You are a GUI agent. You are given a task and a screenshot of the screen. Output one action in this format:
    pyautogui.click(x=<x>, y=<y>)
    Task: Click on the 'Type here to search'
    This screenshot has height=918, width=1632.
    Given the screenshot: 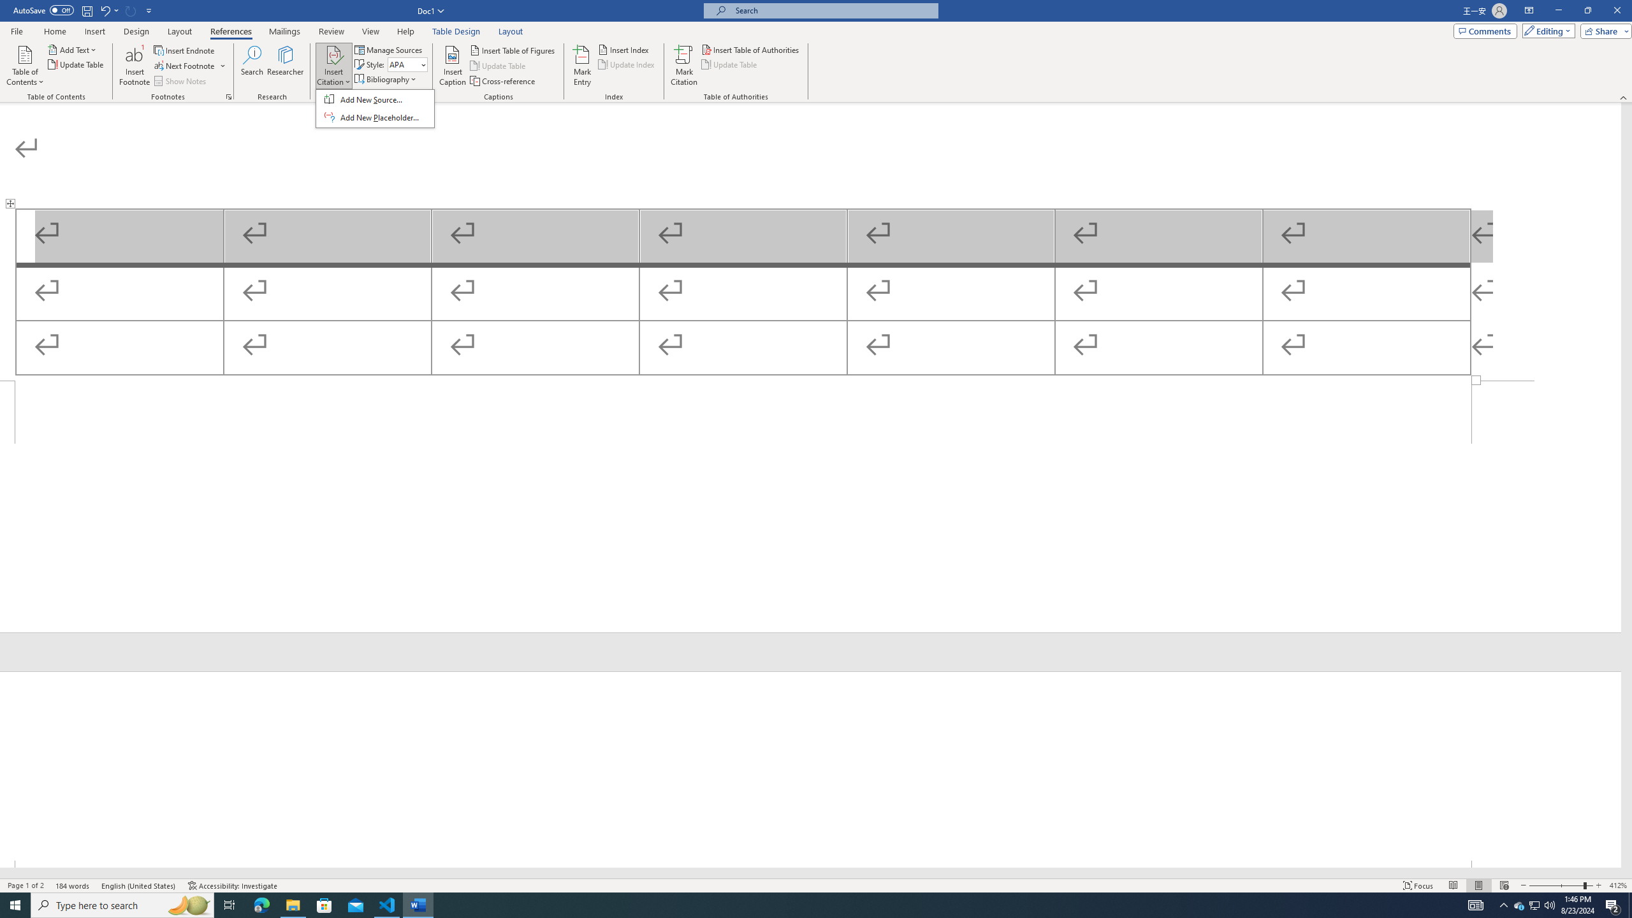 What is the action you would take?
    pyautogui.click(x=122, y=904)
    